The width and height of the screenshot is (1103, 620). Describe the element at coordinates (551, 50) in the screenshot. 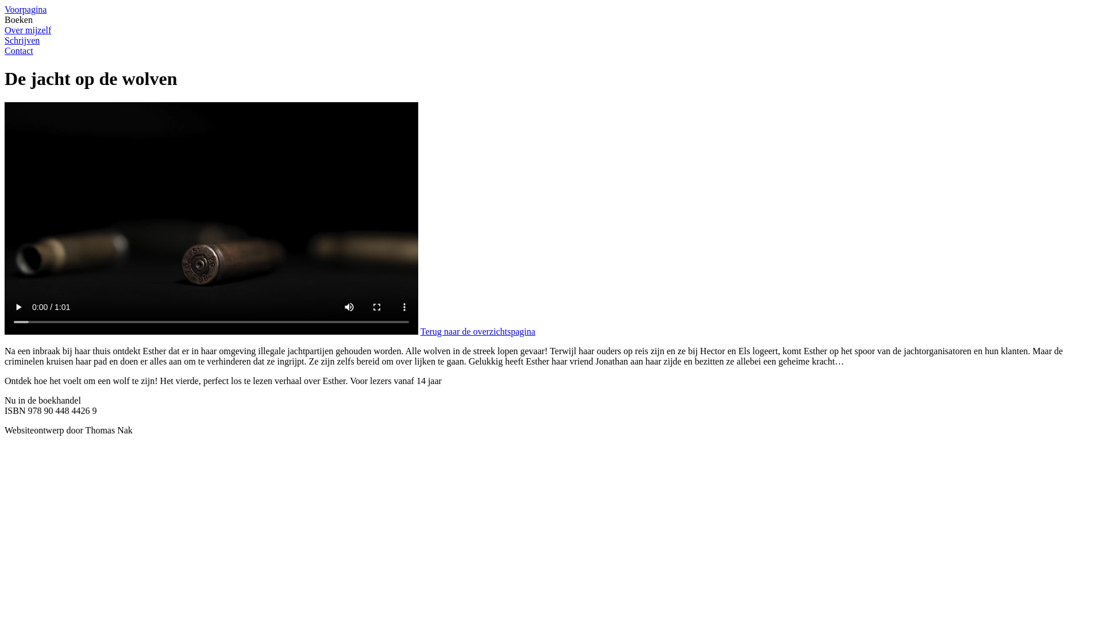

I see `'Contact'` at that location.